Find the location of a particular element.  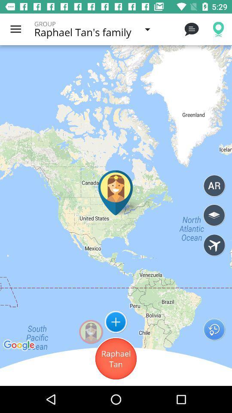

the icon to the right of the raphael tan icon is located at coordinates (214, 329).